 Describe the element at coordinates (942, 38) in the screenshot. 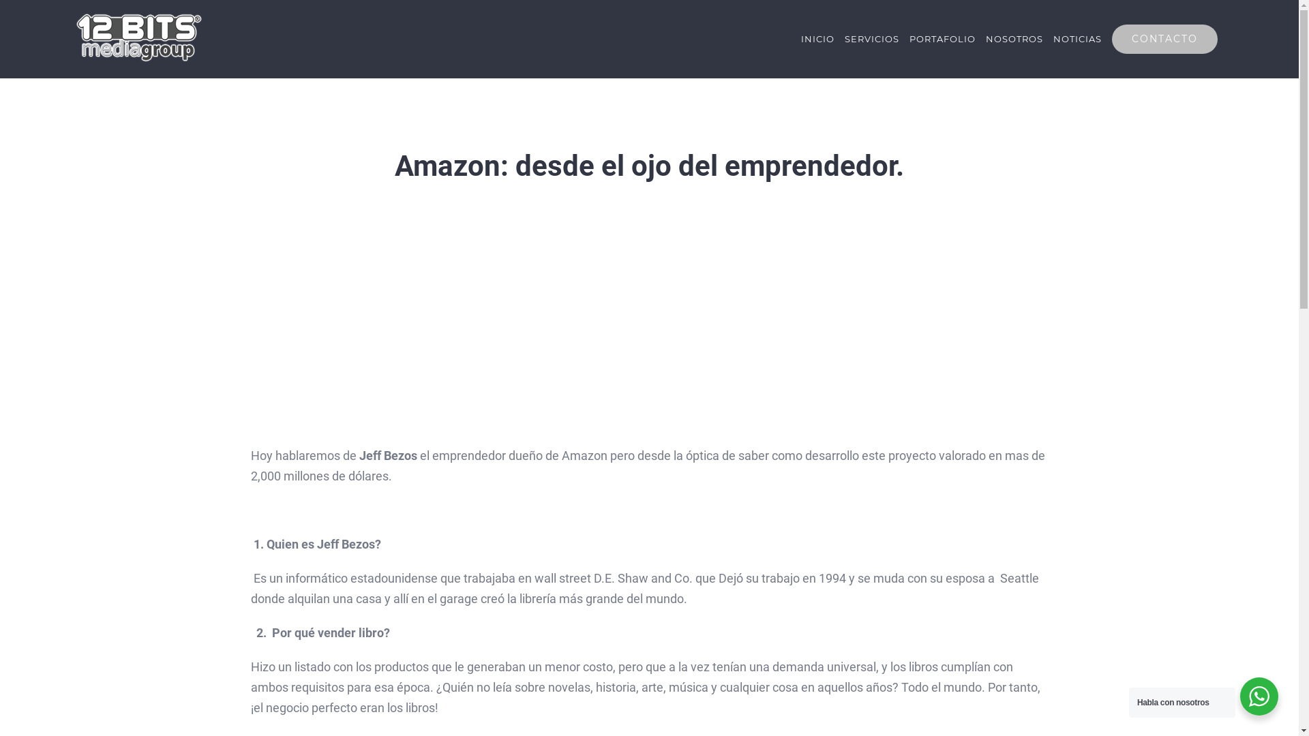

I see `'PORTAFOLIO'` at that location.